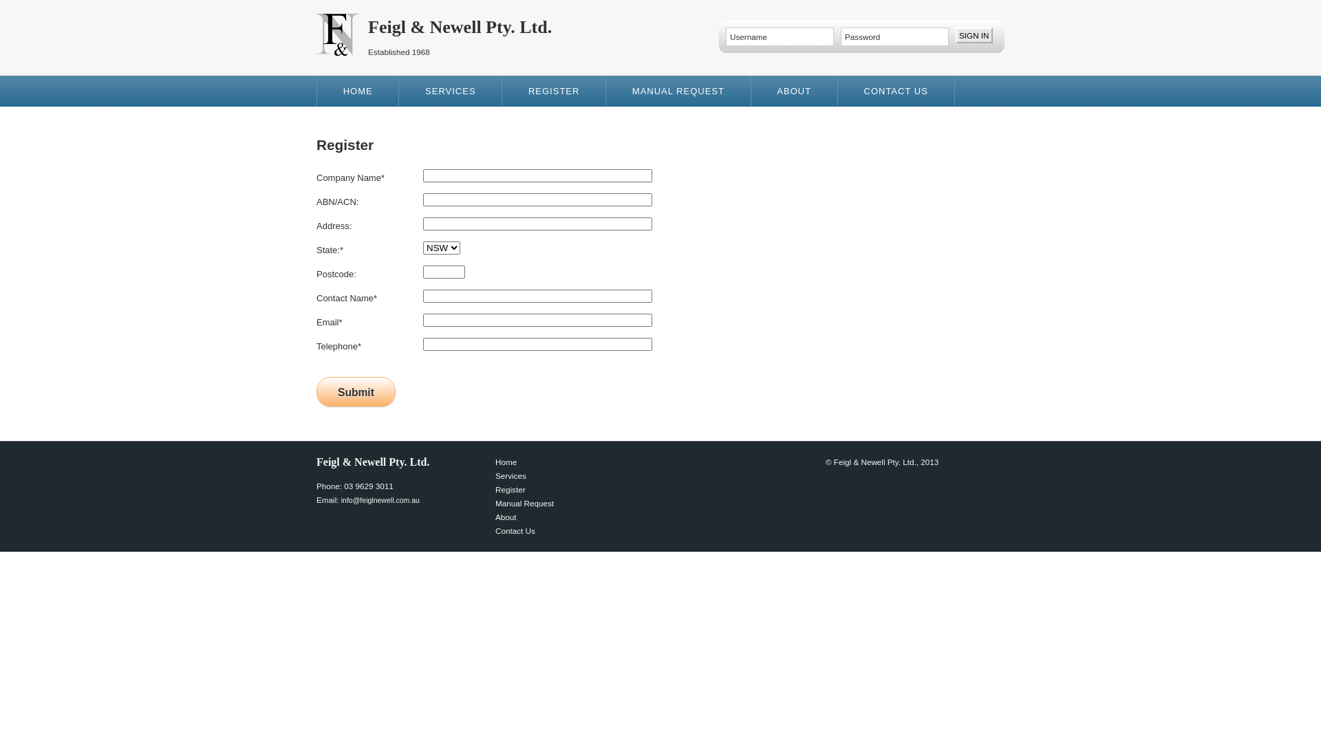  What do you see at coordinates (510, 475) in the screenshot?
I see `'Services'` at bounding box center [510, 475].